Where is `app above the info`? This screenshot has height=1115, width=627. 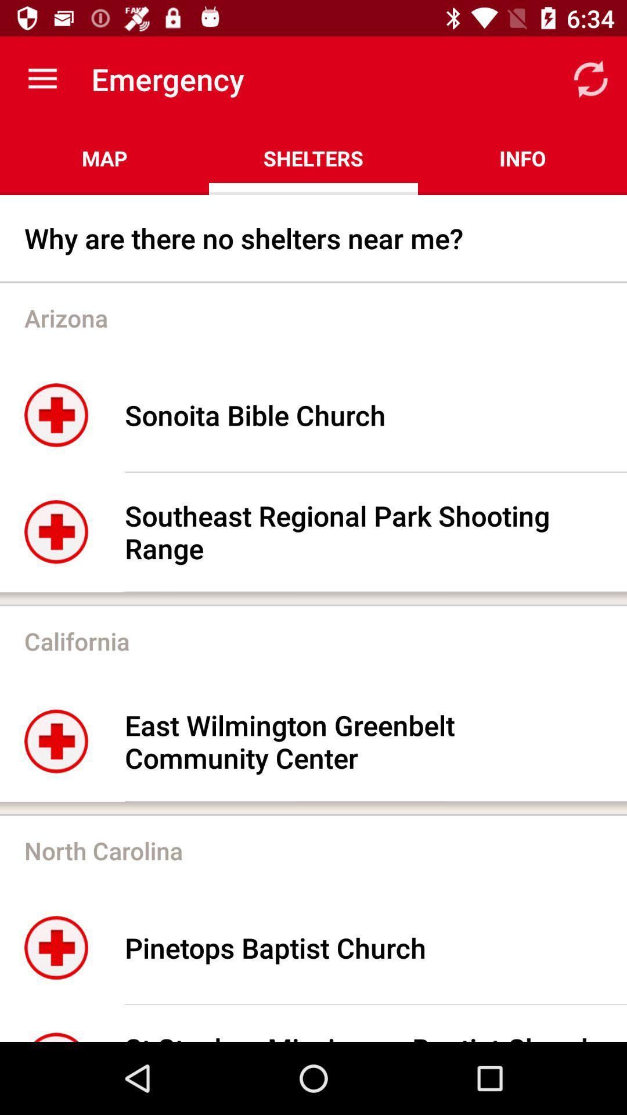 app above the info is located at coordinates (590, 78).